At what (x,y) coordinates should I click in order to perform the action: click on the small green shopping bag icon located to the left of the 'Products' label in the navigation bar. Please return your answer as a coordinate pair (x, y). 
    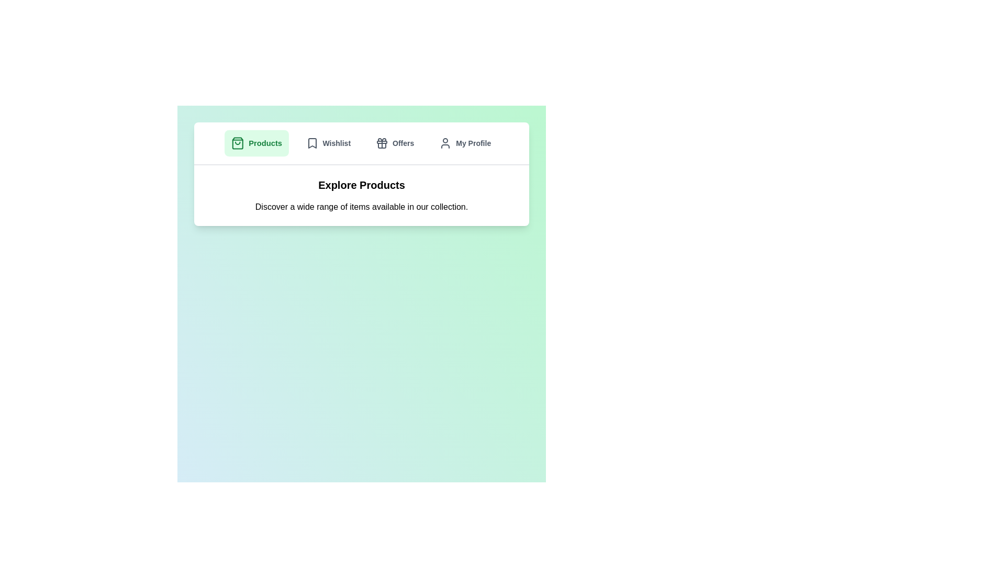
    Looking at the image, I should click on (237, 143).